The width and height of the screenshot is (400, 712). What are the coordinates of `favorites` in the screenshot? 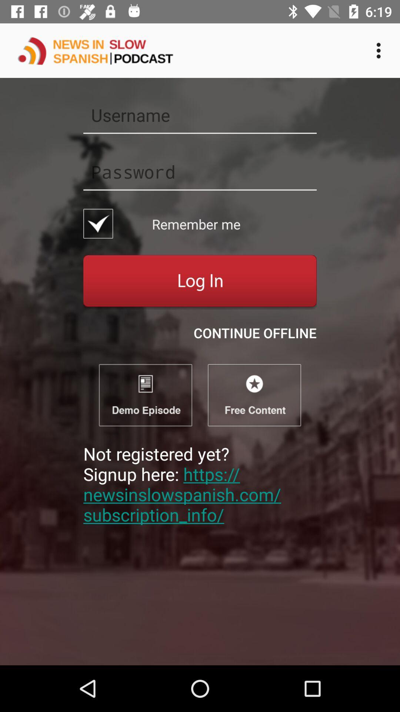 It's located at (254, 395).